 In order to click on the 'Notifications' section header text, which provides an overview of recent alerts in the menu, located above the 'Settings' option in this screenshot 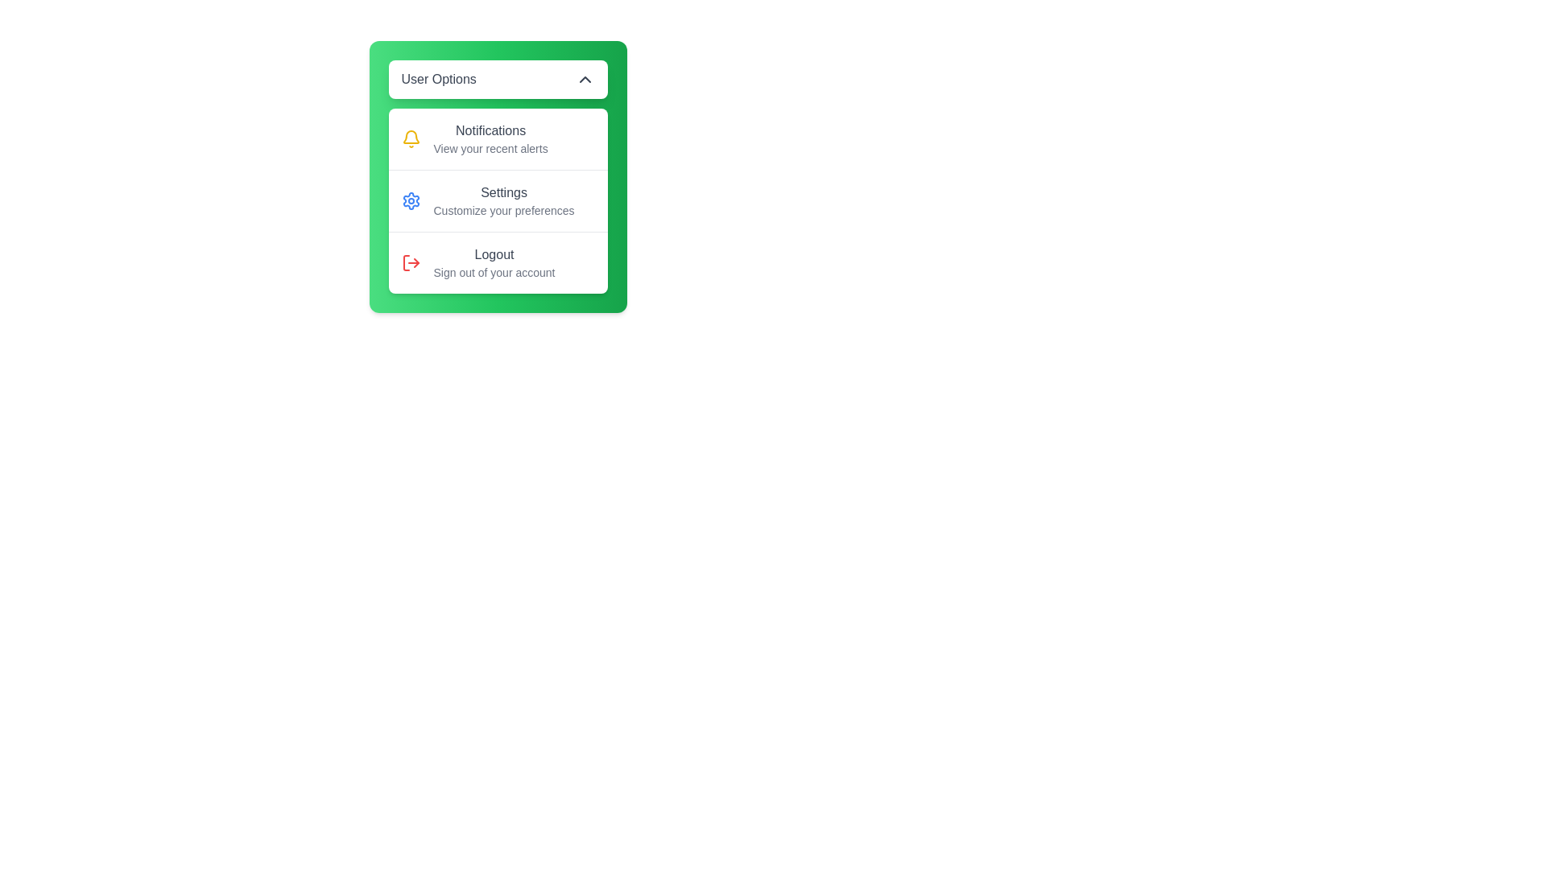, I will do `click(490, 138)`.